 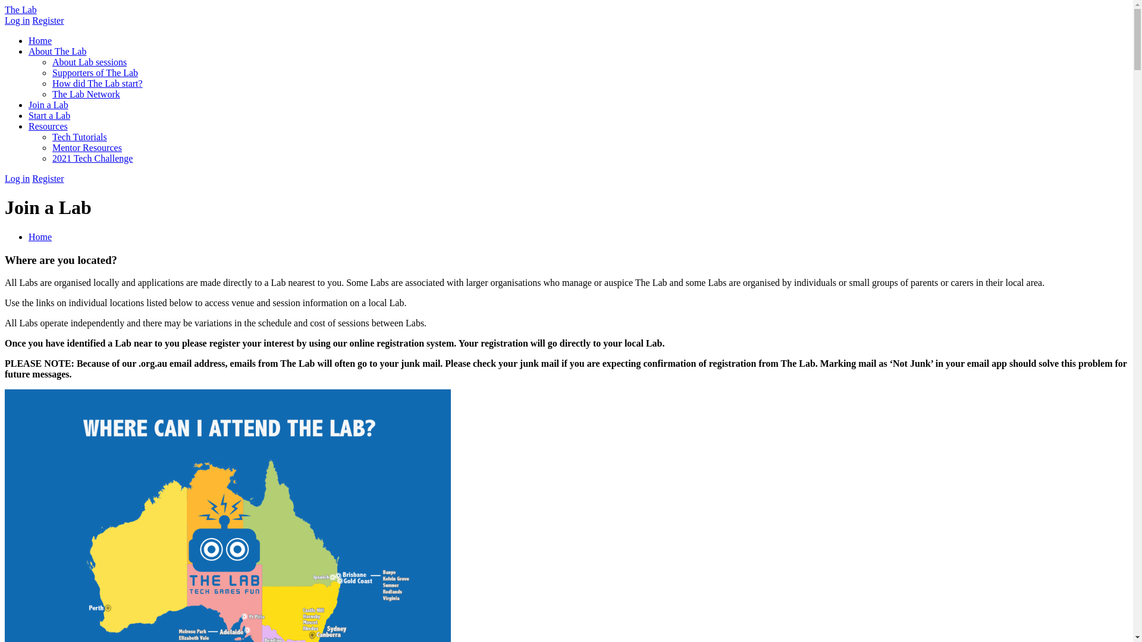 I want to click on 'The Lab Network', so click(x=85, y=93).